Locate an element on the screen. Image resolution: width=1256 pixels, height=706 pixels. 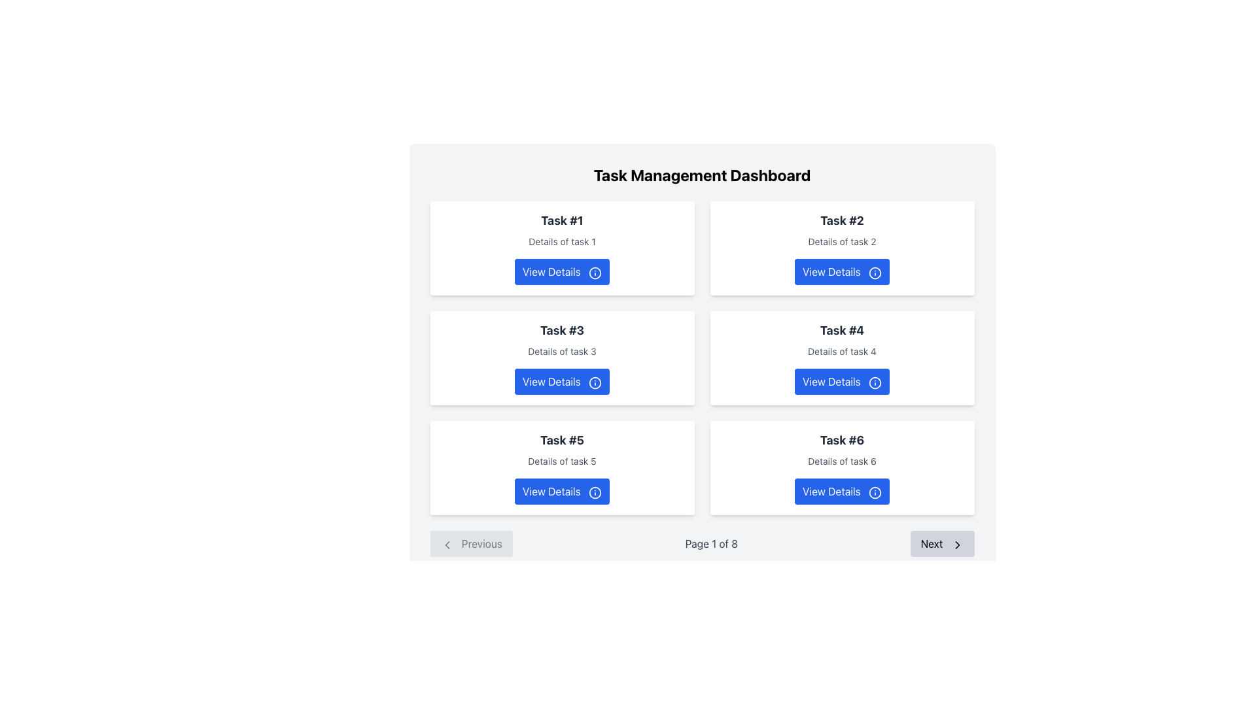
the text label displaying 'Page 1 of 8' located centrally in the bottom navigation bar of the dashboard interface is located at coordinates (710, 544).